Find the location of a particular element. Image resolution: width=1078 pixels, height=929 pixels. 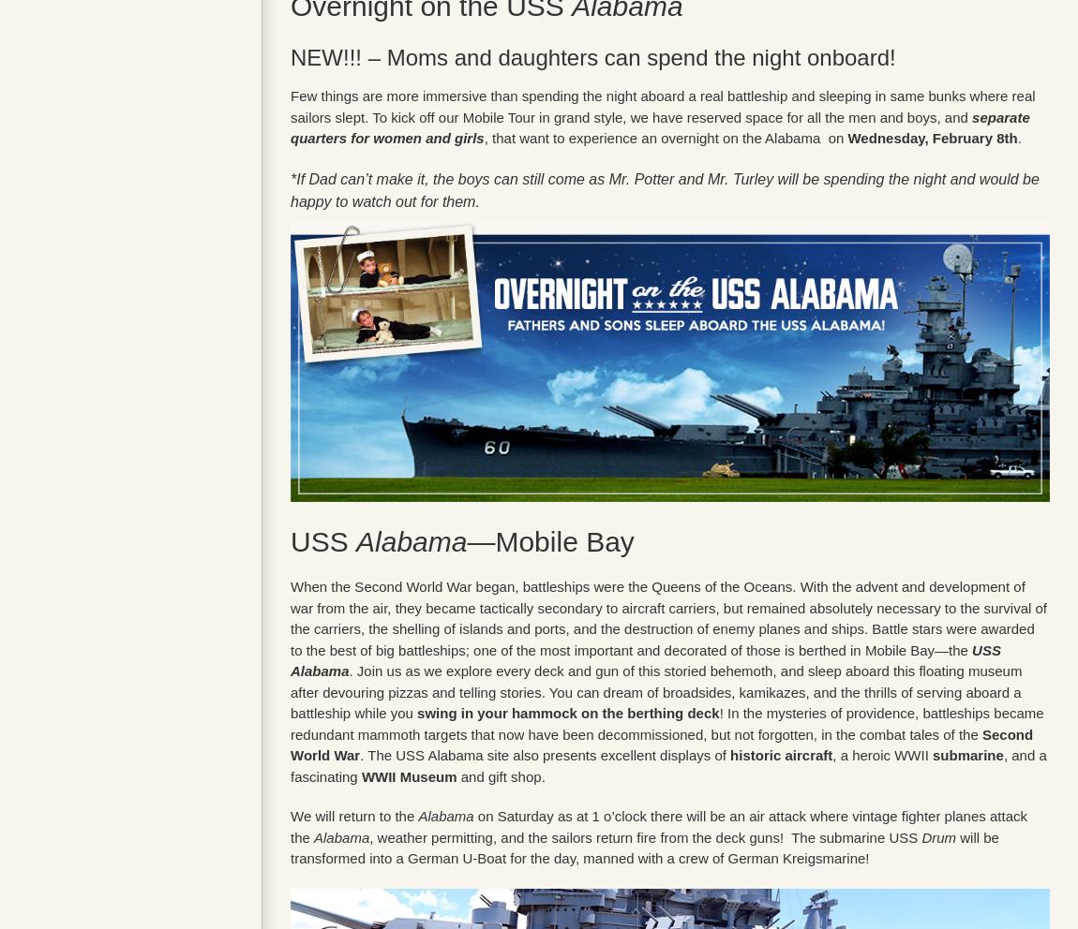

'—Mobile Bay' is located at coordinates (466, 541).